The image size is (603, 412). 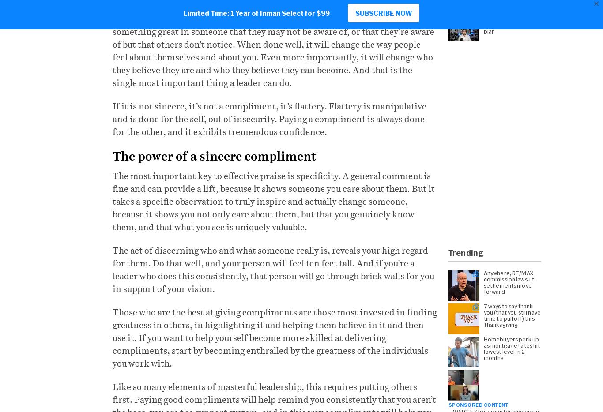 I want to click on 'Homebuyers perk up as mortgage rates hit lowest level in 2 months', so click(x=512, y=348).